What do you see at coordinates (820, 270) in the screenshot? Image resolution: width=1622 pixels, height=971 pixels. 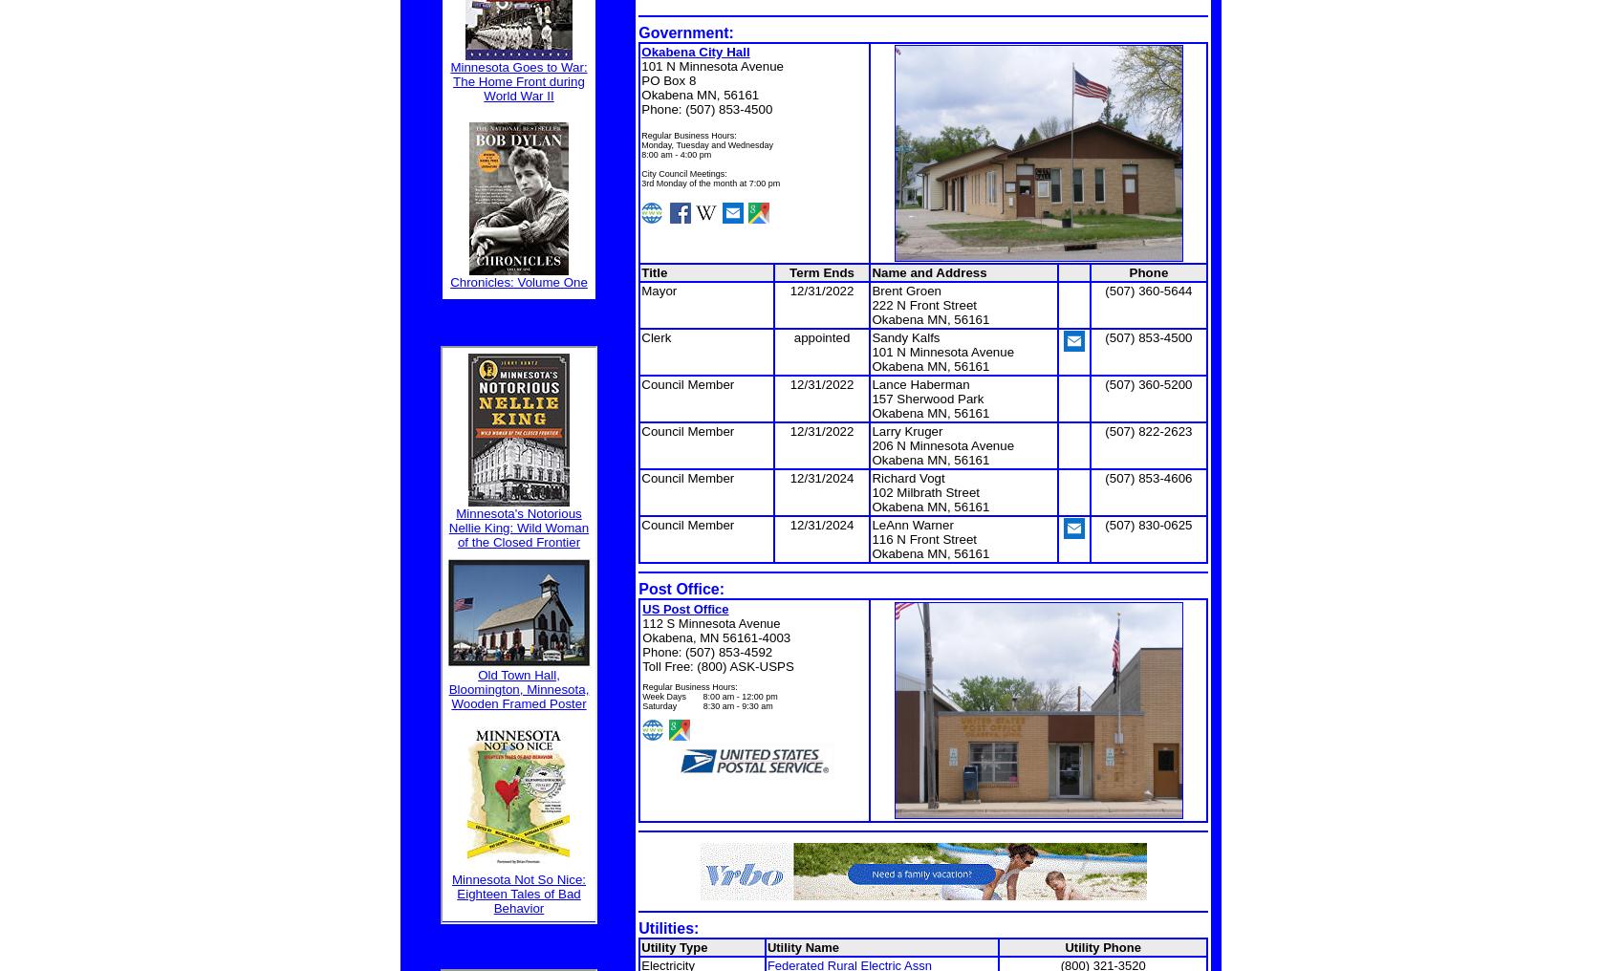 I see `'Term Ends'` at bounding box center [820, 270].